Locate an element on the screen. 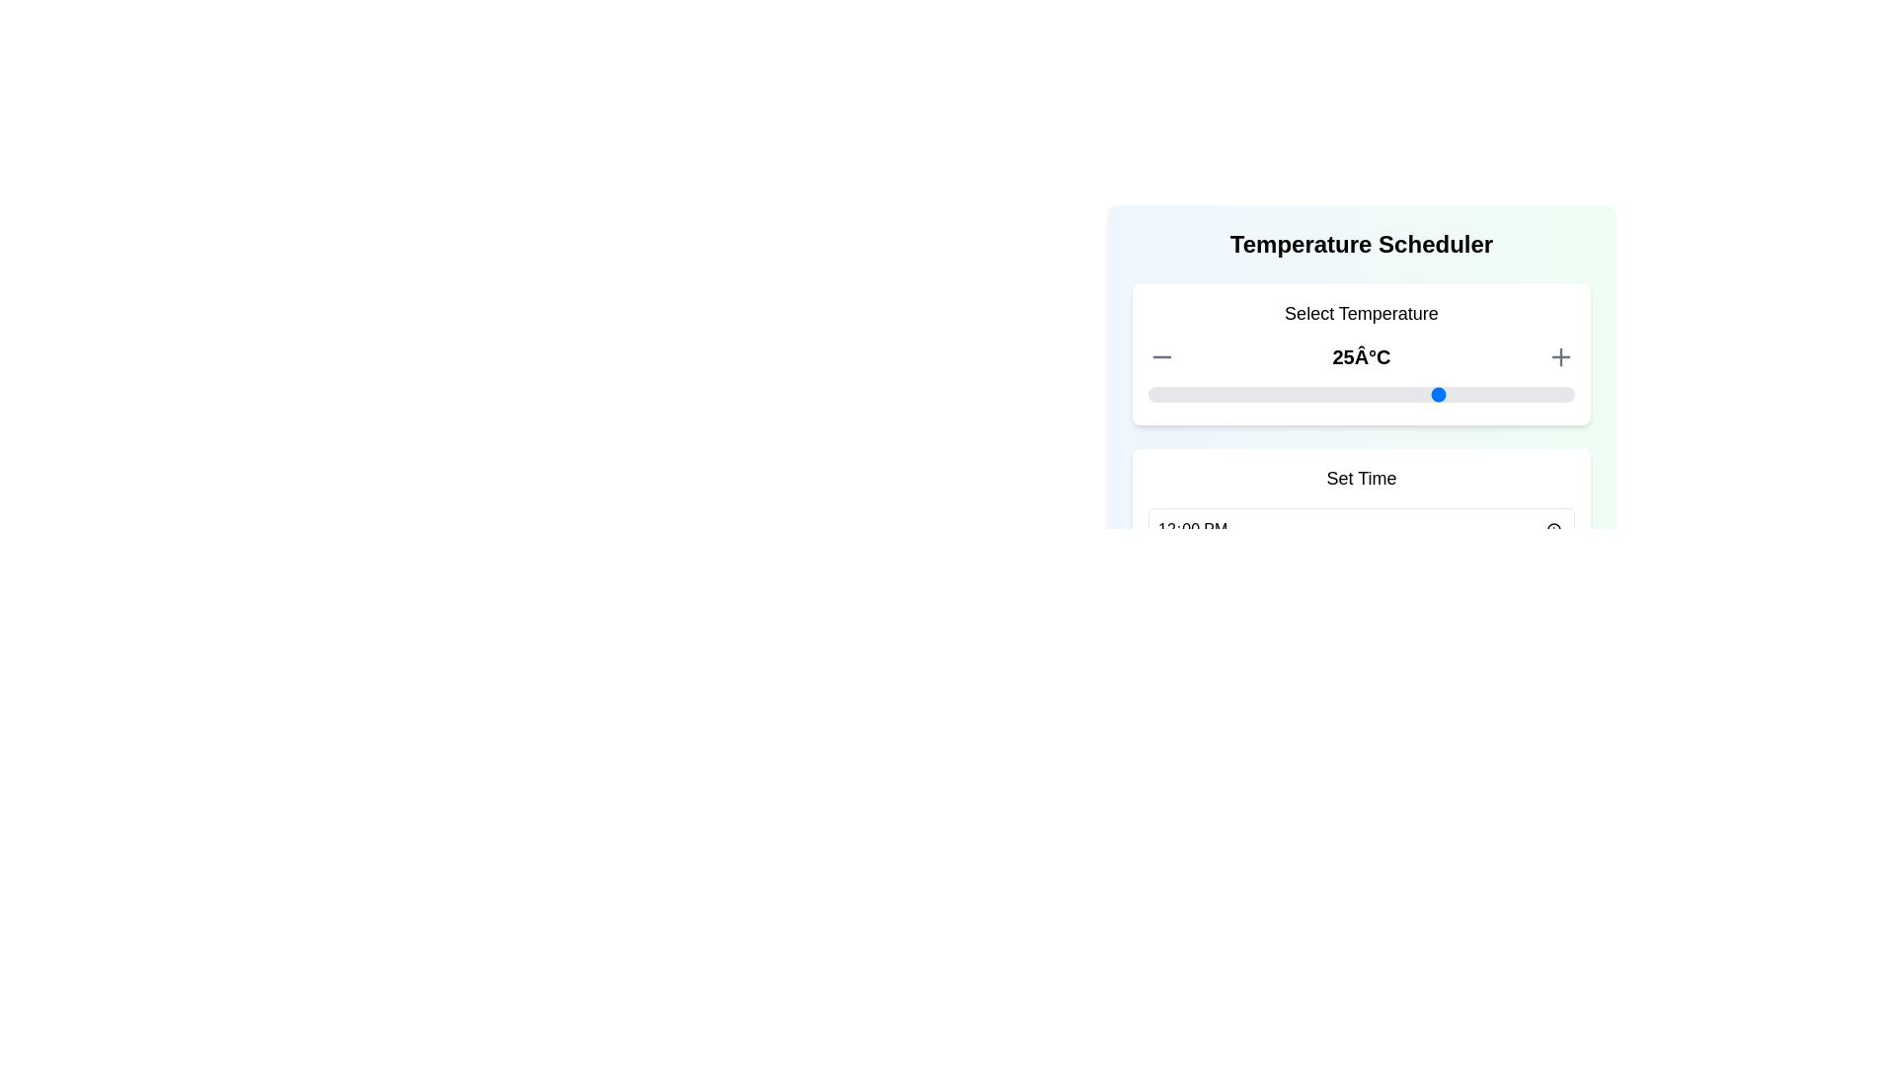  the temperature slider is located at coordinates (1484, 395).